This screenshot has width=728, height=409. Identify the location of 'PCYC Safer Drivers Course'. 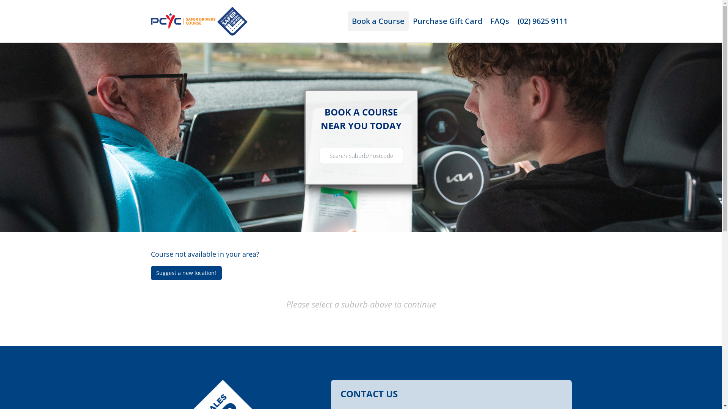
(199, 20).